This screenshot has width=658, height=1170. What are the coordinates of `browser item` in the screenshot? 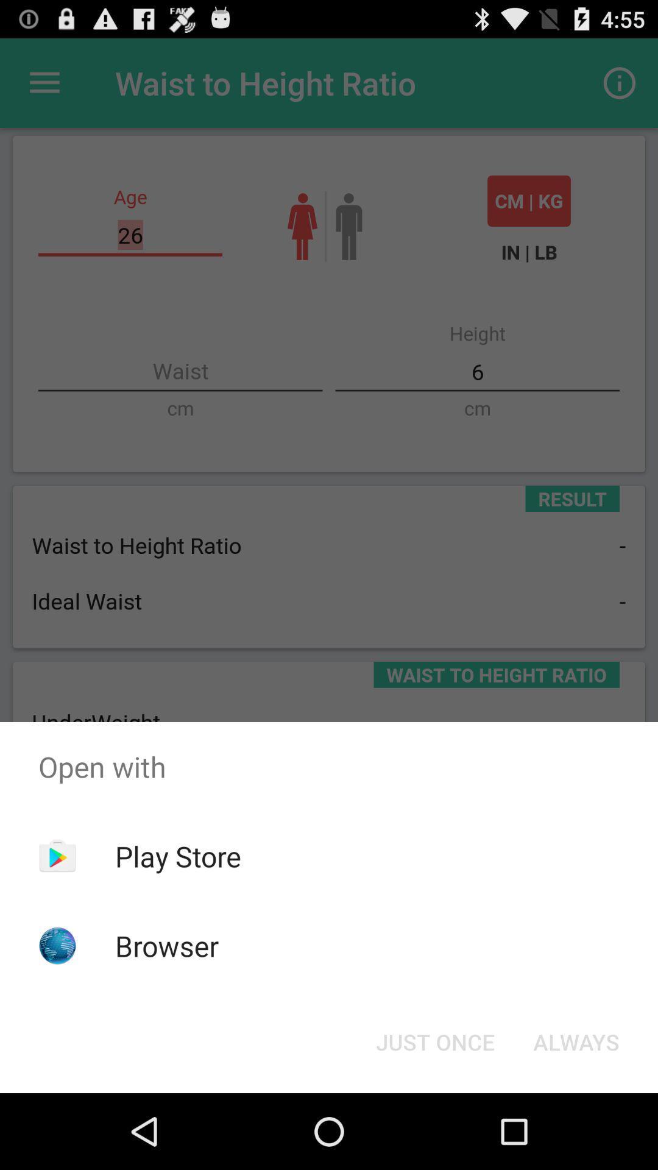 It's located at (167, 945).